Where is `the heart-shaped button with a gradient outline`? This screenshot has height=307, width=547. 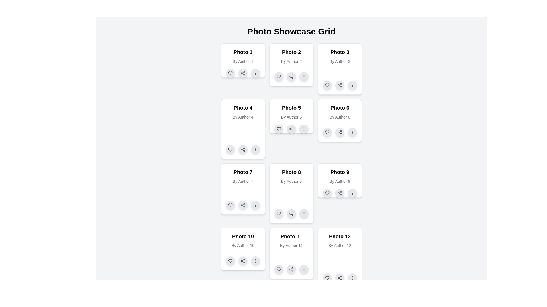 the heart-shaped button with a gradient outline is located at coordinates (327, 193).